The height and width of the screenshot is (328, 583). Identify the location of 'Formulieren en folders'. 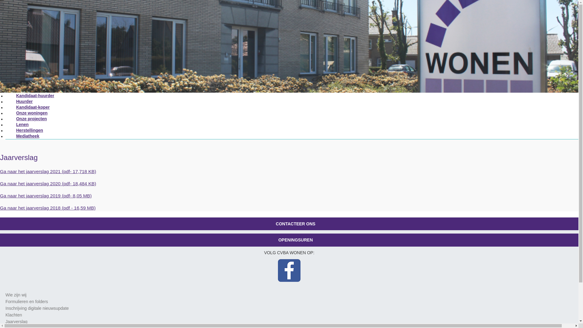
(26, 301).